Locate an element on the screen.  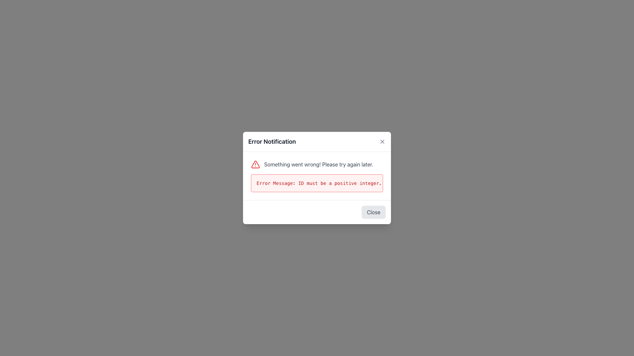
text content of the Notification box with light red background and red border that states 'Error Message: ID must be a positive integer.' is located at coordinates (317, 183).